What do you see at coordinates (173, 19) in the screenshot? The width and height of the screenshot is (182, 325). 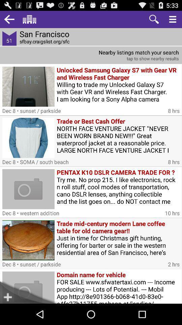 I see `menu` at bounding box center [173, 19].